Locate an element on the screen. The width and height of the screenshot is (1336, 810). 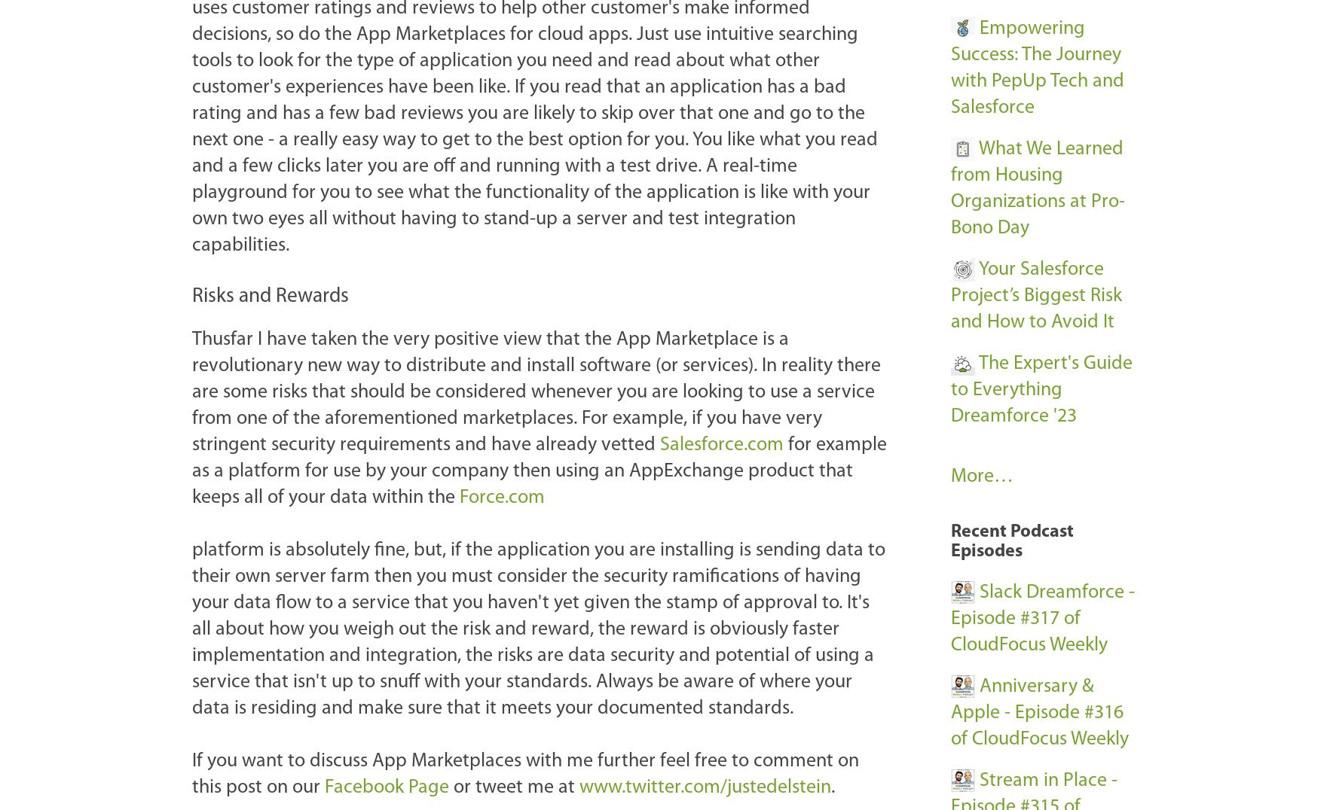
'Force.com' is located at coordinates (501, 496).